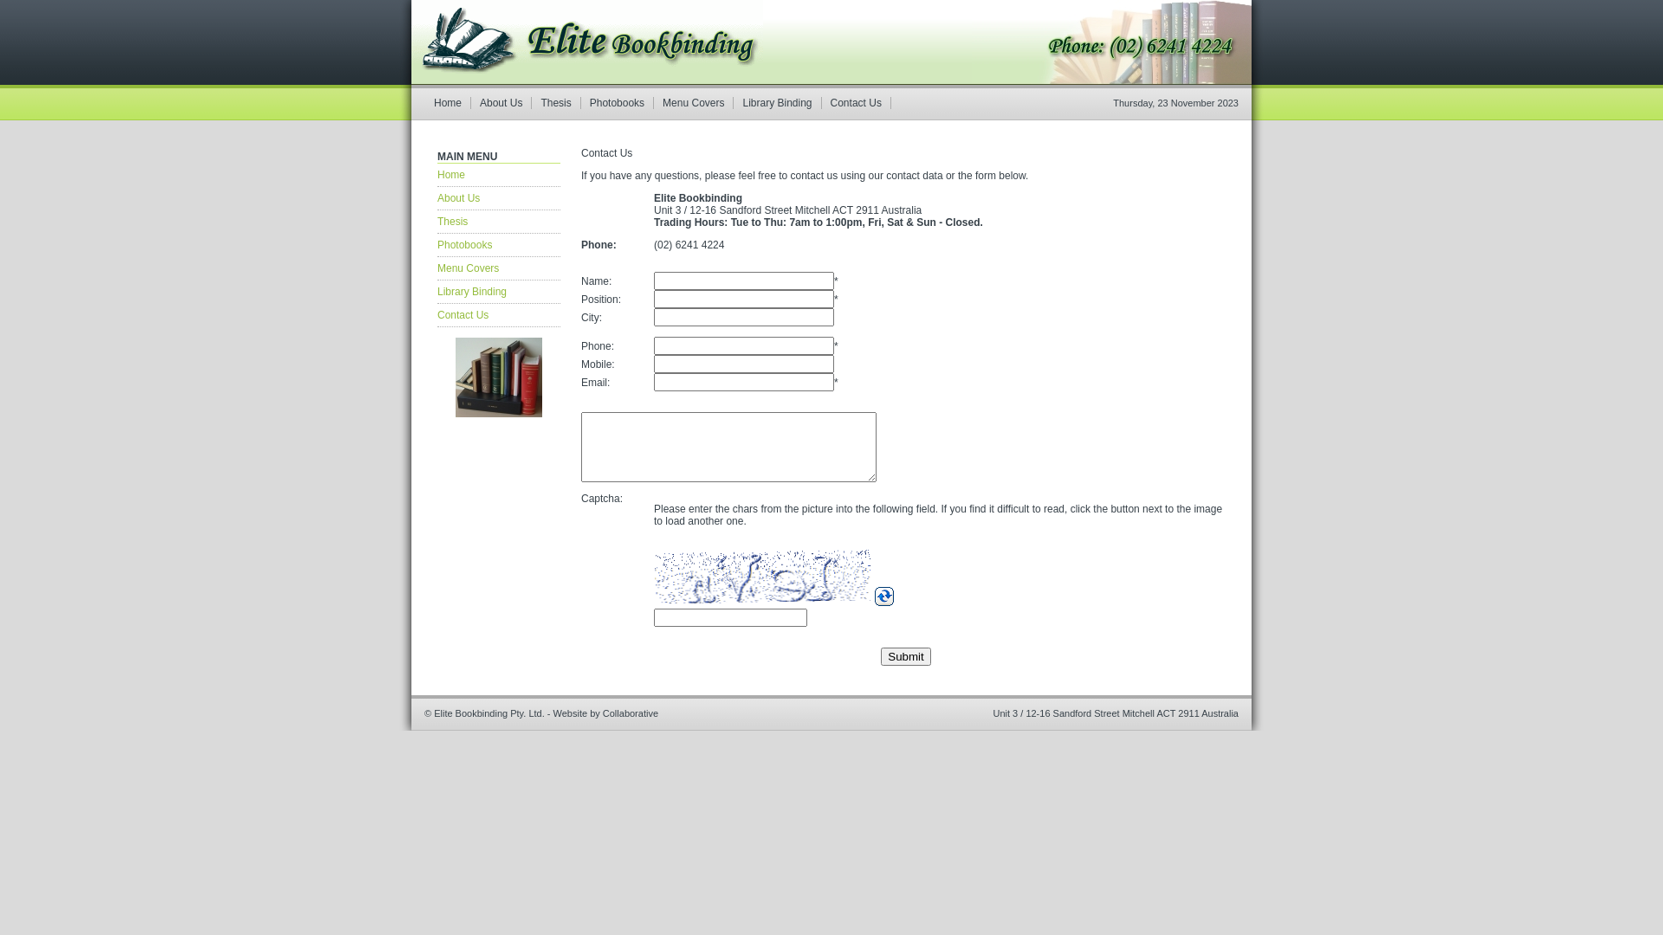 This screenshot has height=935, width=1663. Describe the element at coordinates (904, 656) in the screenshot. I see `'Submit'` at that location.